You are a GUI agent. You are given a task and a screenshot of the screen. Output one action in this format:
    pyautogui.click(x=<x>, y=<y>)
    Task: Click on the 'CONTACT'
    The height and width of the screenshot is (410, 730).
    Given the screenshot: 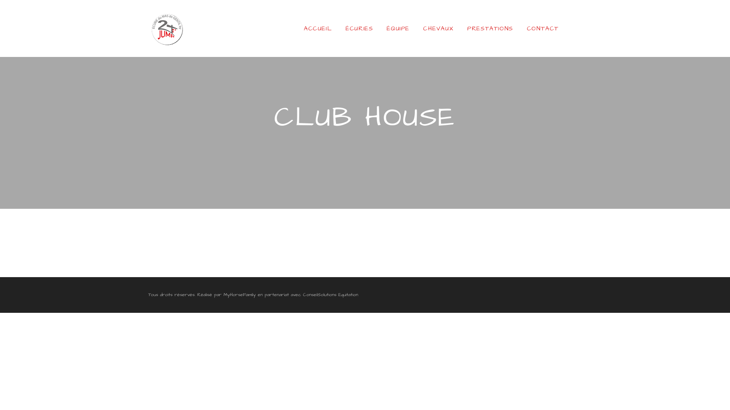 What is the action you would take?
    pyautogui.click(x=543, y=28)
    